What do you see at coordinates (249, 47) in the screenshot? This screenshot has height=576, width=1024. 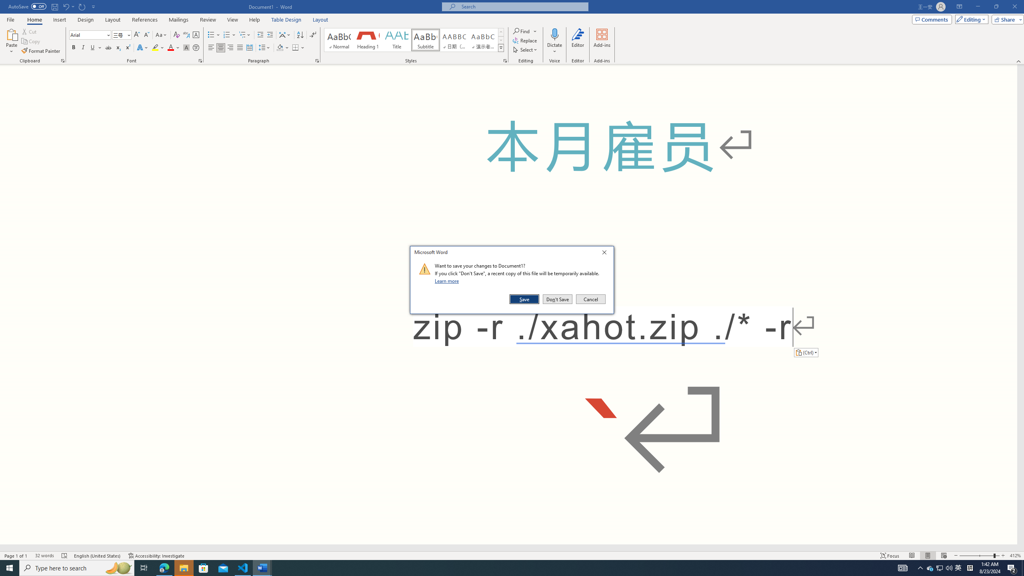 I see `'Distributed'` at bounding box center [249, 47].